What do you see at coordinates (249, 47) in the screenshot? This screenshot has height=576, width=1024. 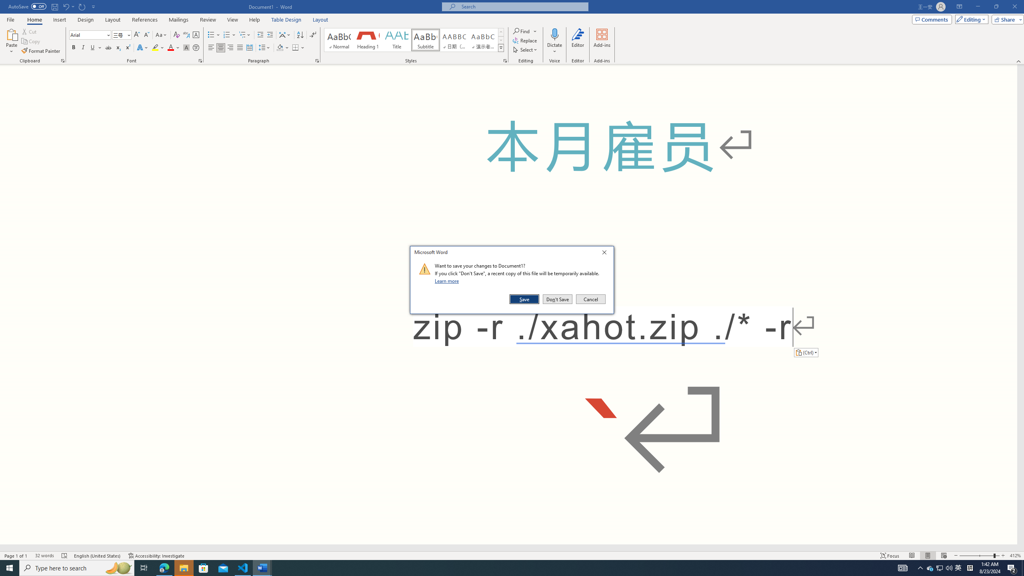 I see `'Distributed'` at bounding box center [249, 47].